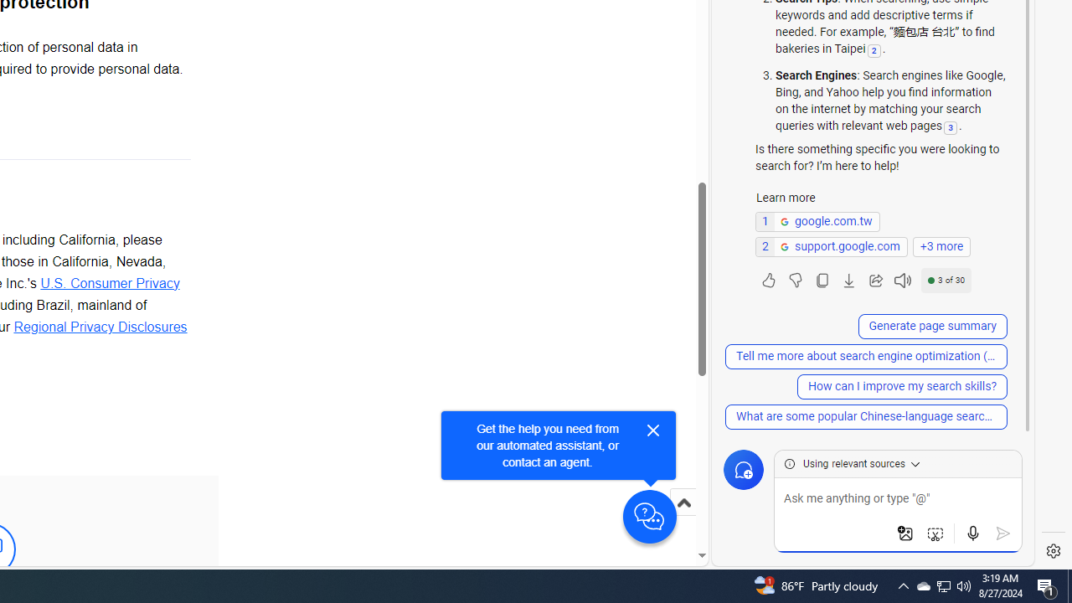 Image resolution: width=1072 pixels, height=603 pixels. What do you see at coordinates (683, 519) in the screenshot?
I see `'Scroll to top'` at bounding box center [683, 519].